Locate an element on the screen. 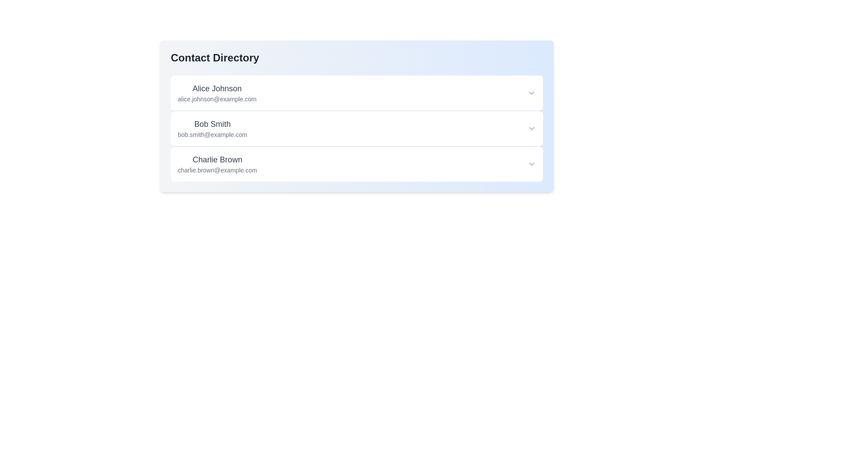  the Contact Row containing the name 'Charlie Brown' and the email 'charlie.brown@example.com' is located at coordinates (357, 164).